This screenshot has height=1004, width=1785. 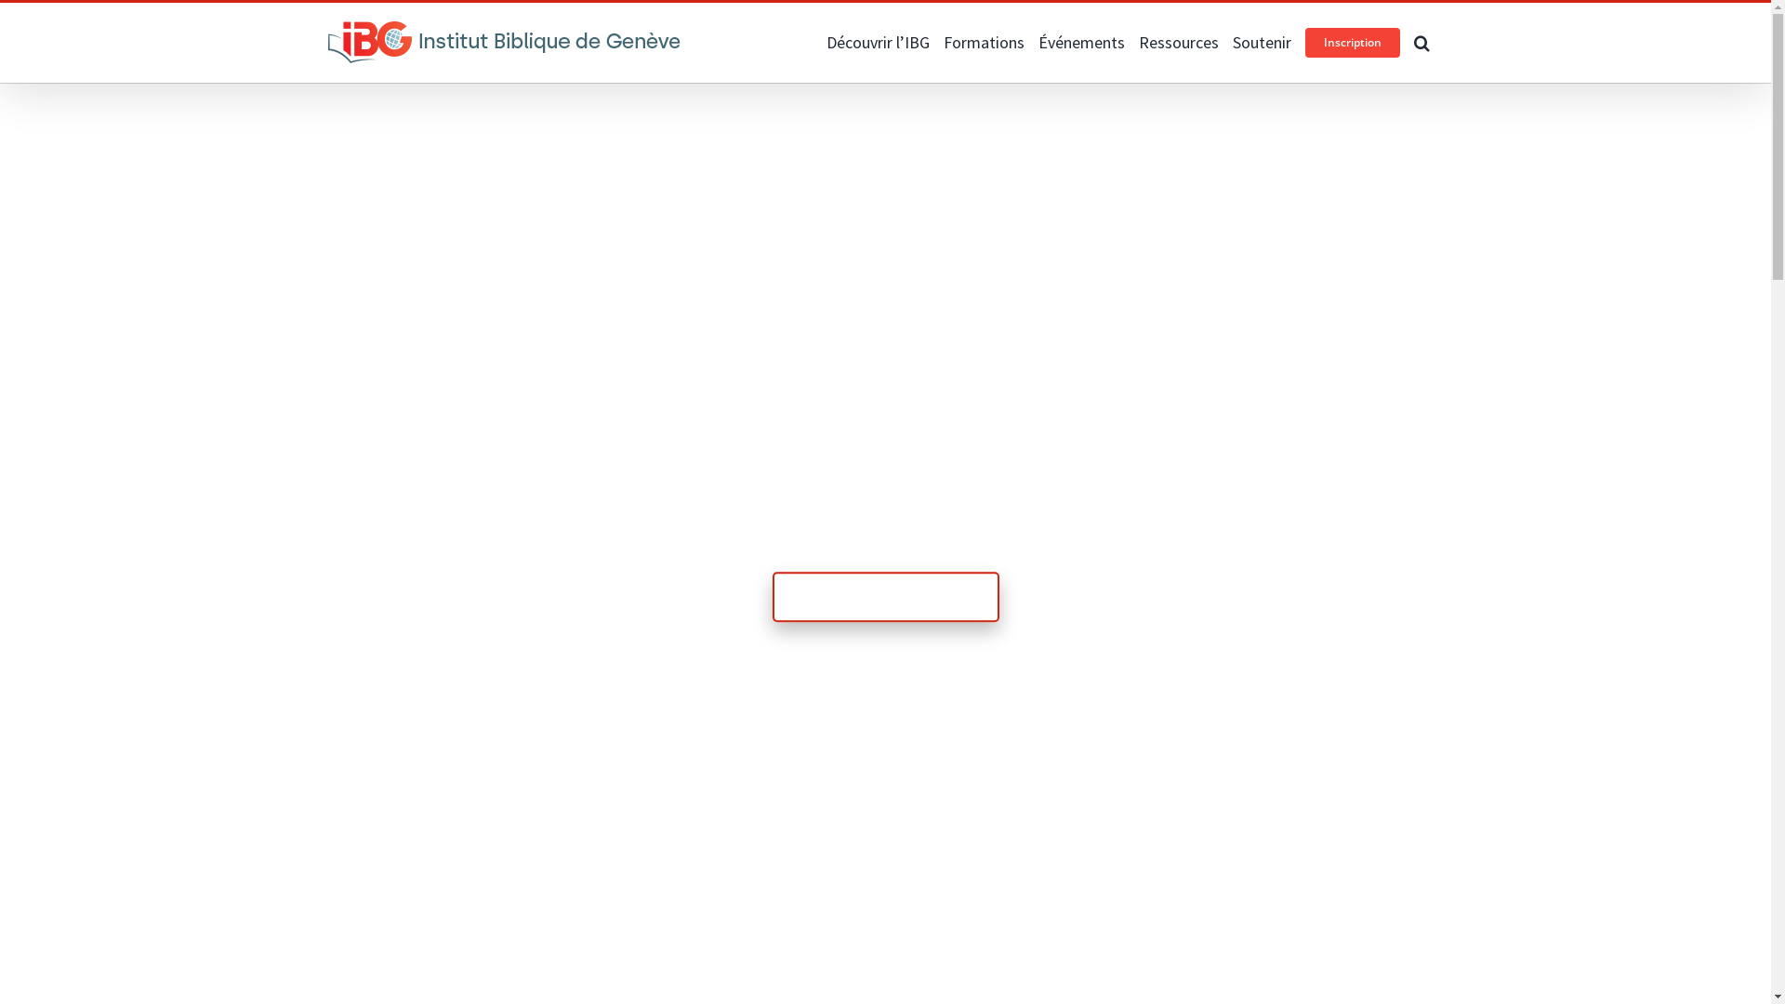 I want to click on 'Instagram', so click(x=361, y=20).